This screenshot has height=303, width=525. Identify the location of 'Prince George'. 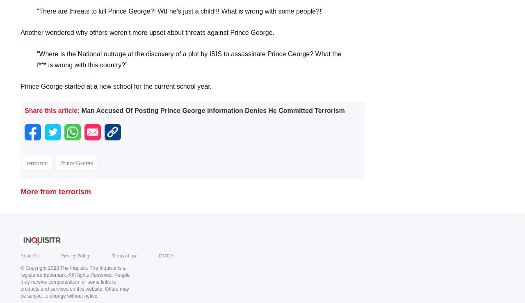
(76, 162).